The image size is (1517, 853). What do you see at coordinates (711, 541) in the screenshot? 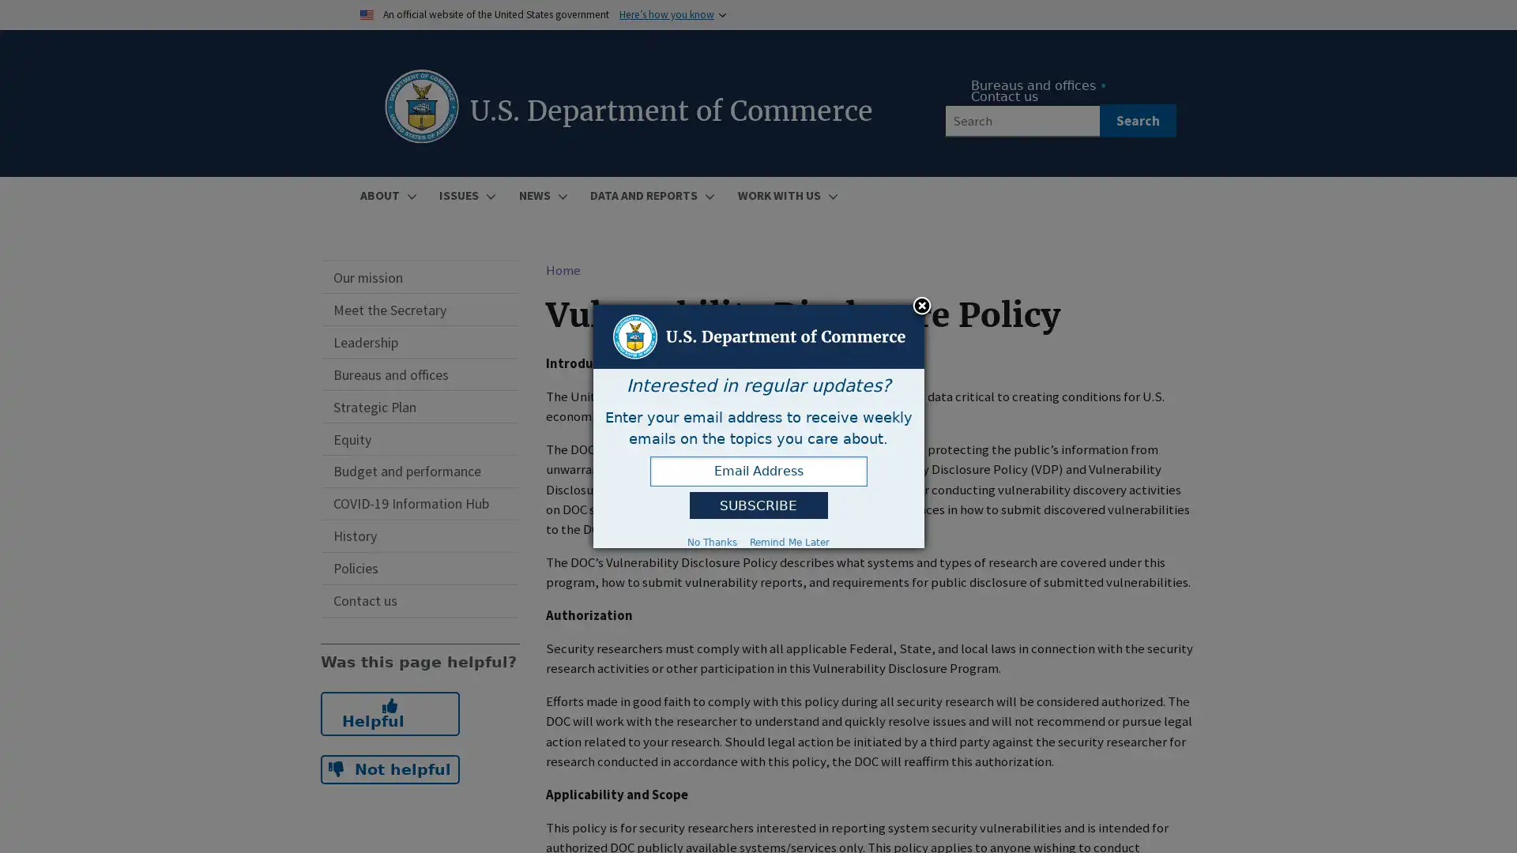
I see `No Thanks` at bounding box center [711, 541].